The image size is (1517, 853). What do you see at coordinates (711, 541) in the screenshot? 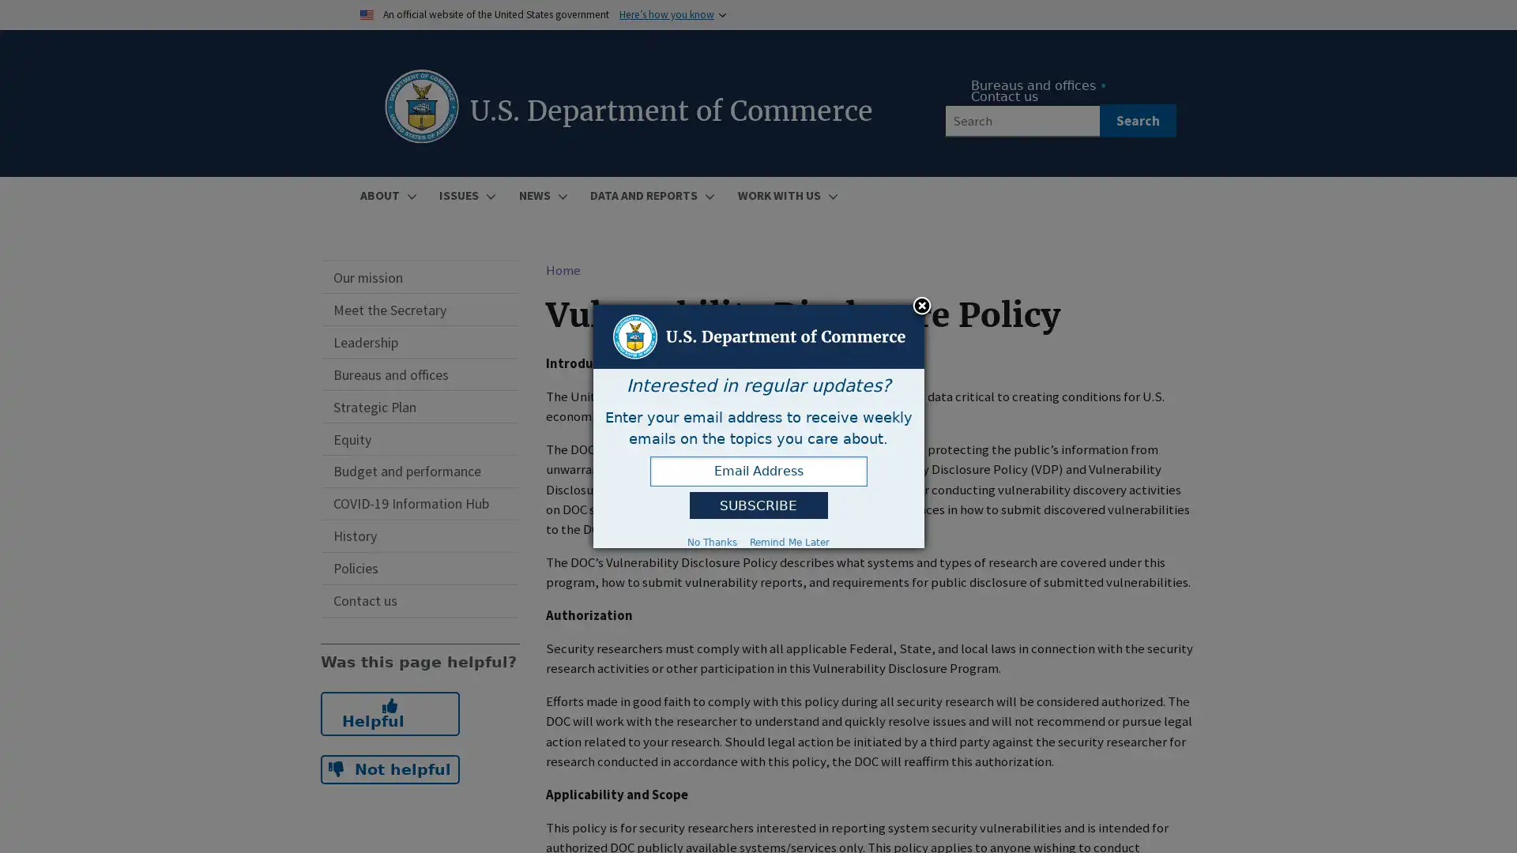
I see `No Thanks` at bounding box center [711, 541].